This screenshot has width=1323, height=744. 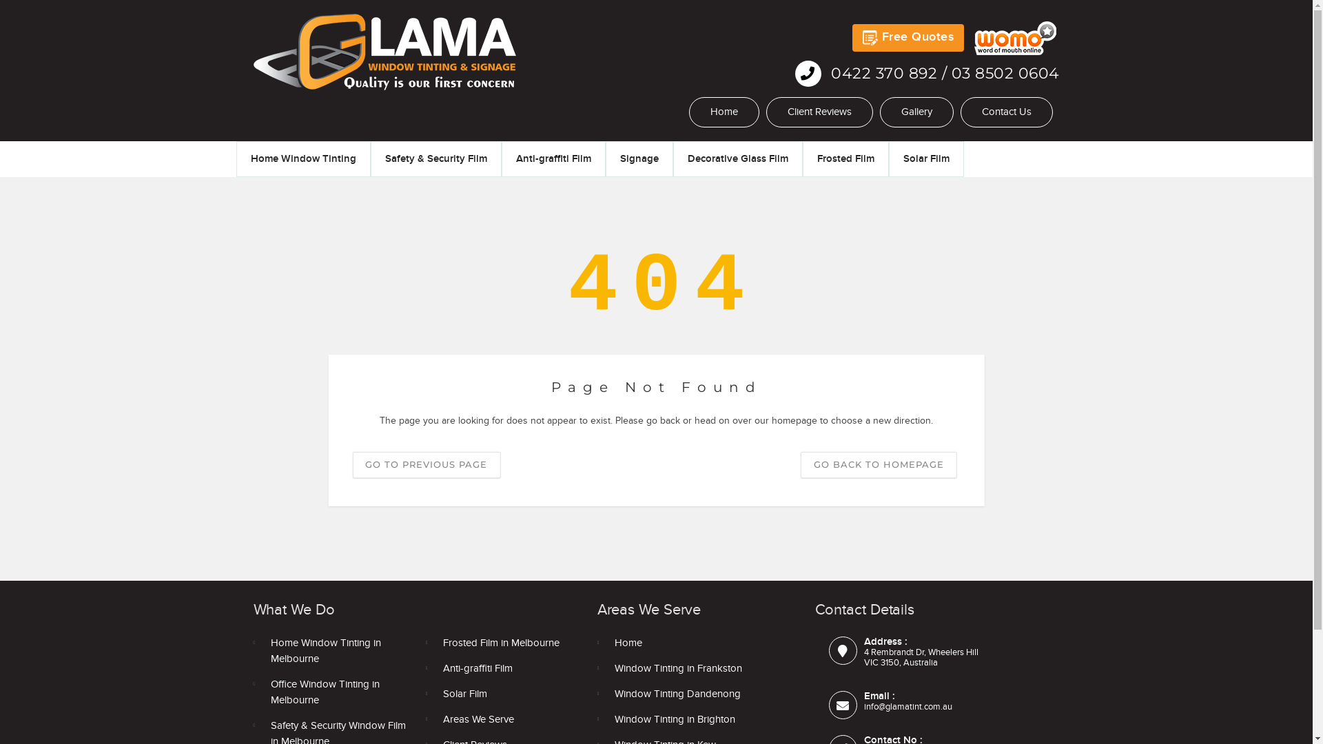 I want to click on 'Frosted Film in Melbourne', so click(x=506, y=644).